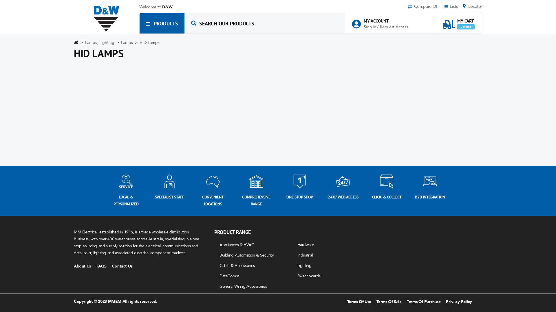 The height and width of the screenshot is (312, 556). I want to click on 'Contact Us', so click(124, 266).